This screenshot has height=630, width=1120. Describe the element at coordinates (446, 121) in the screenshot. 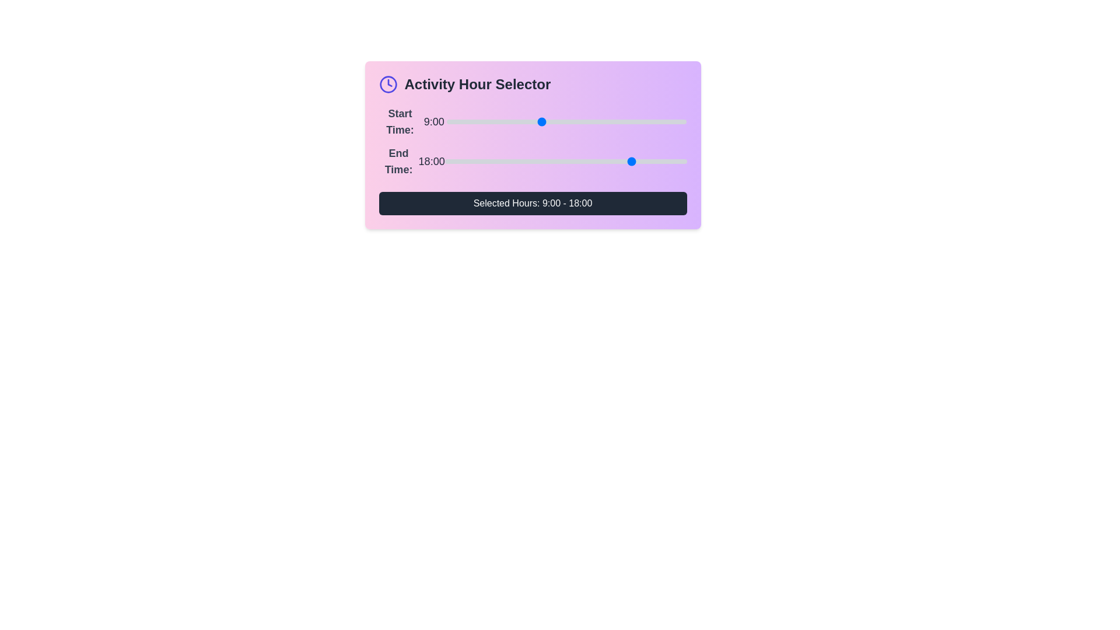

I see `the start time slider to set the hour to 0` at that location.